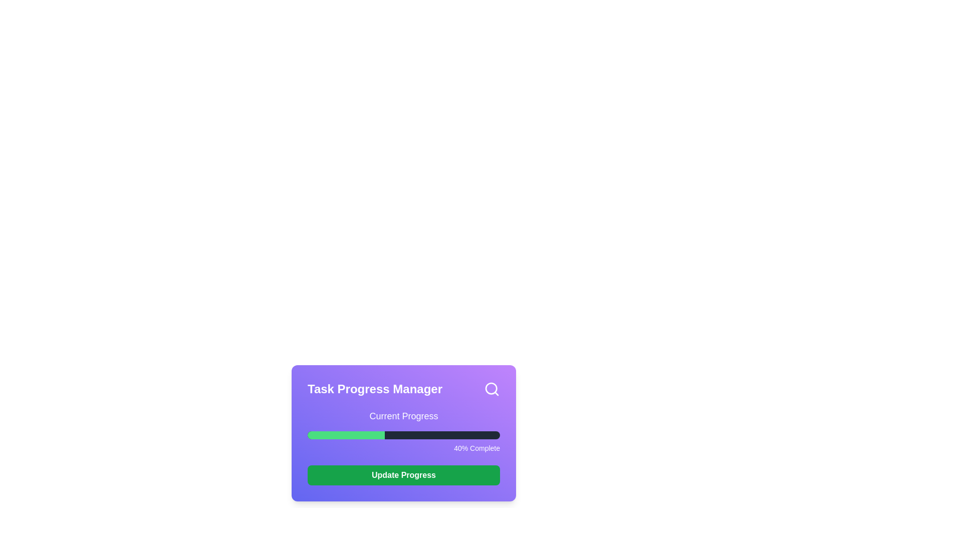 The width and height of the screenshot is (962, 541). I want to click on the progress bar located in the 'Task Progress Manager' card, which is positioned below the 'Current Progress' label and above the 'Update Progress' button, so click(404, 430).